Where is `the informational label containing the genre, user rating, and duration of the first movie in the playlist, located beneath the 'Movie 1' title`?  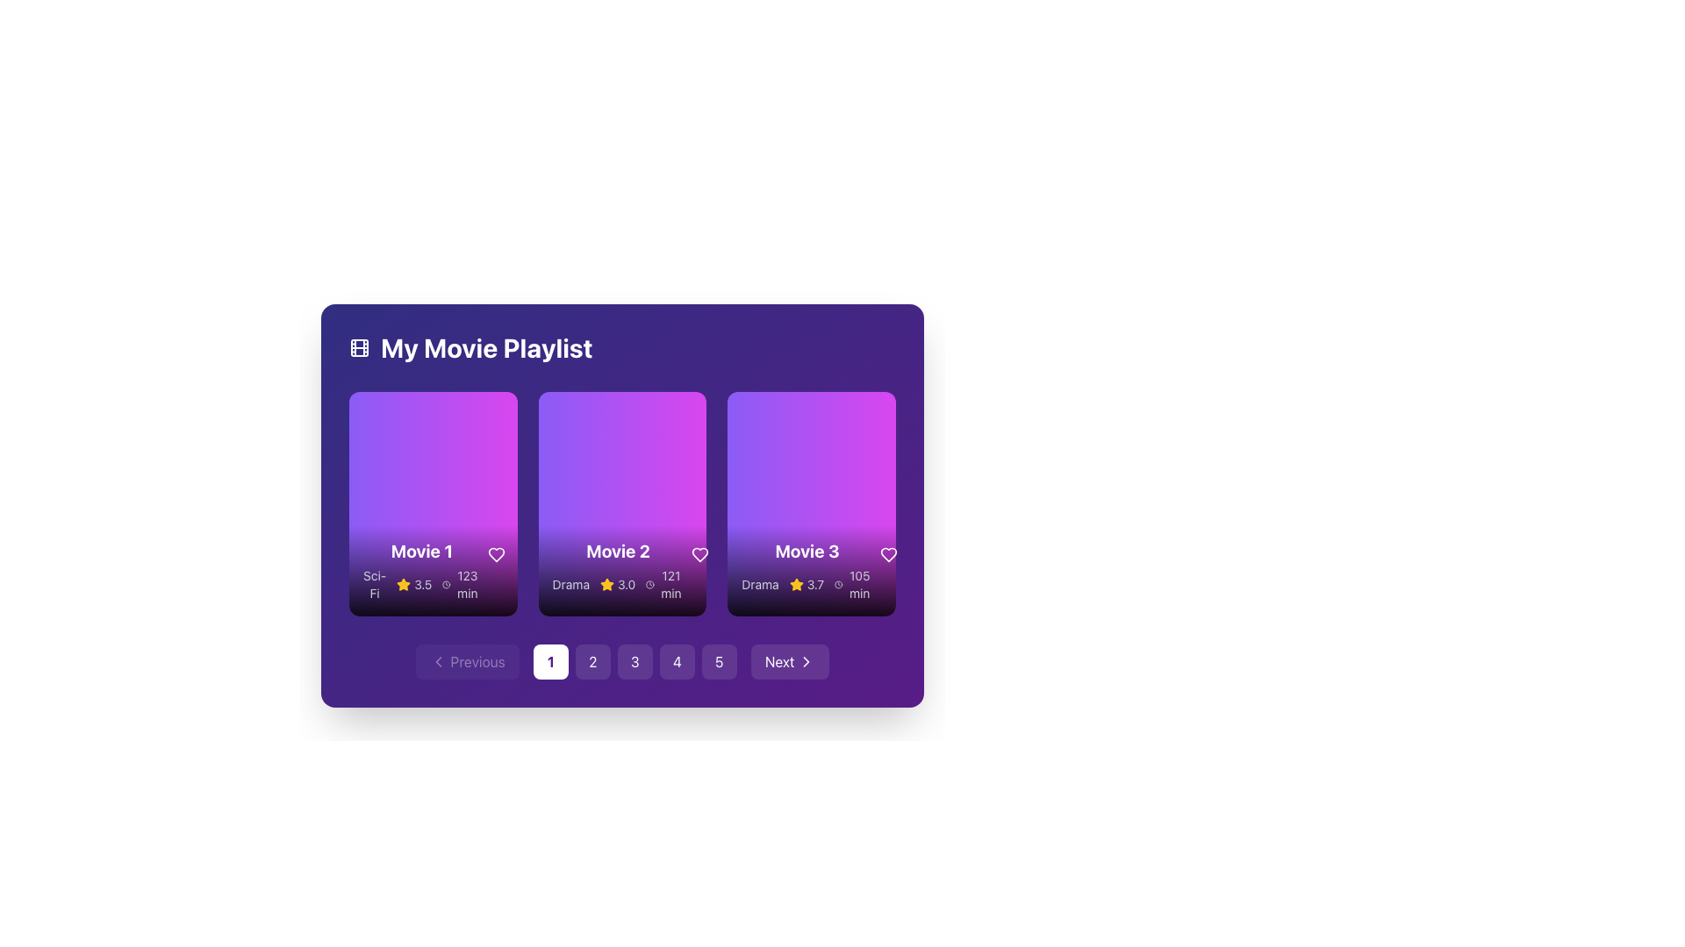 the informational label containing the genre, user rating, and duration of the first movie in the playlist, located beneath the 'Movie 1' title is located at coordinates (421, 585).